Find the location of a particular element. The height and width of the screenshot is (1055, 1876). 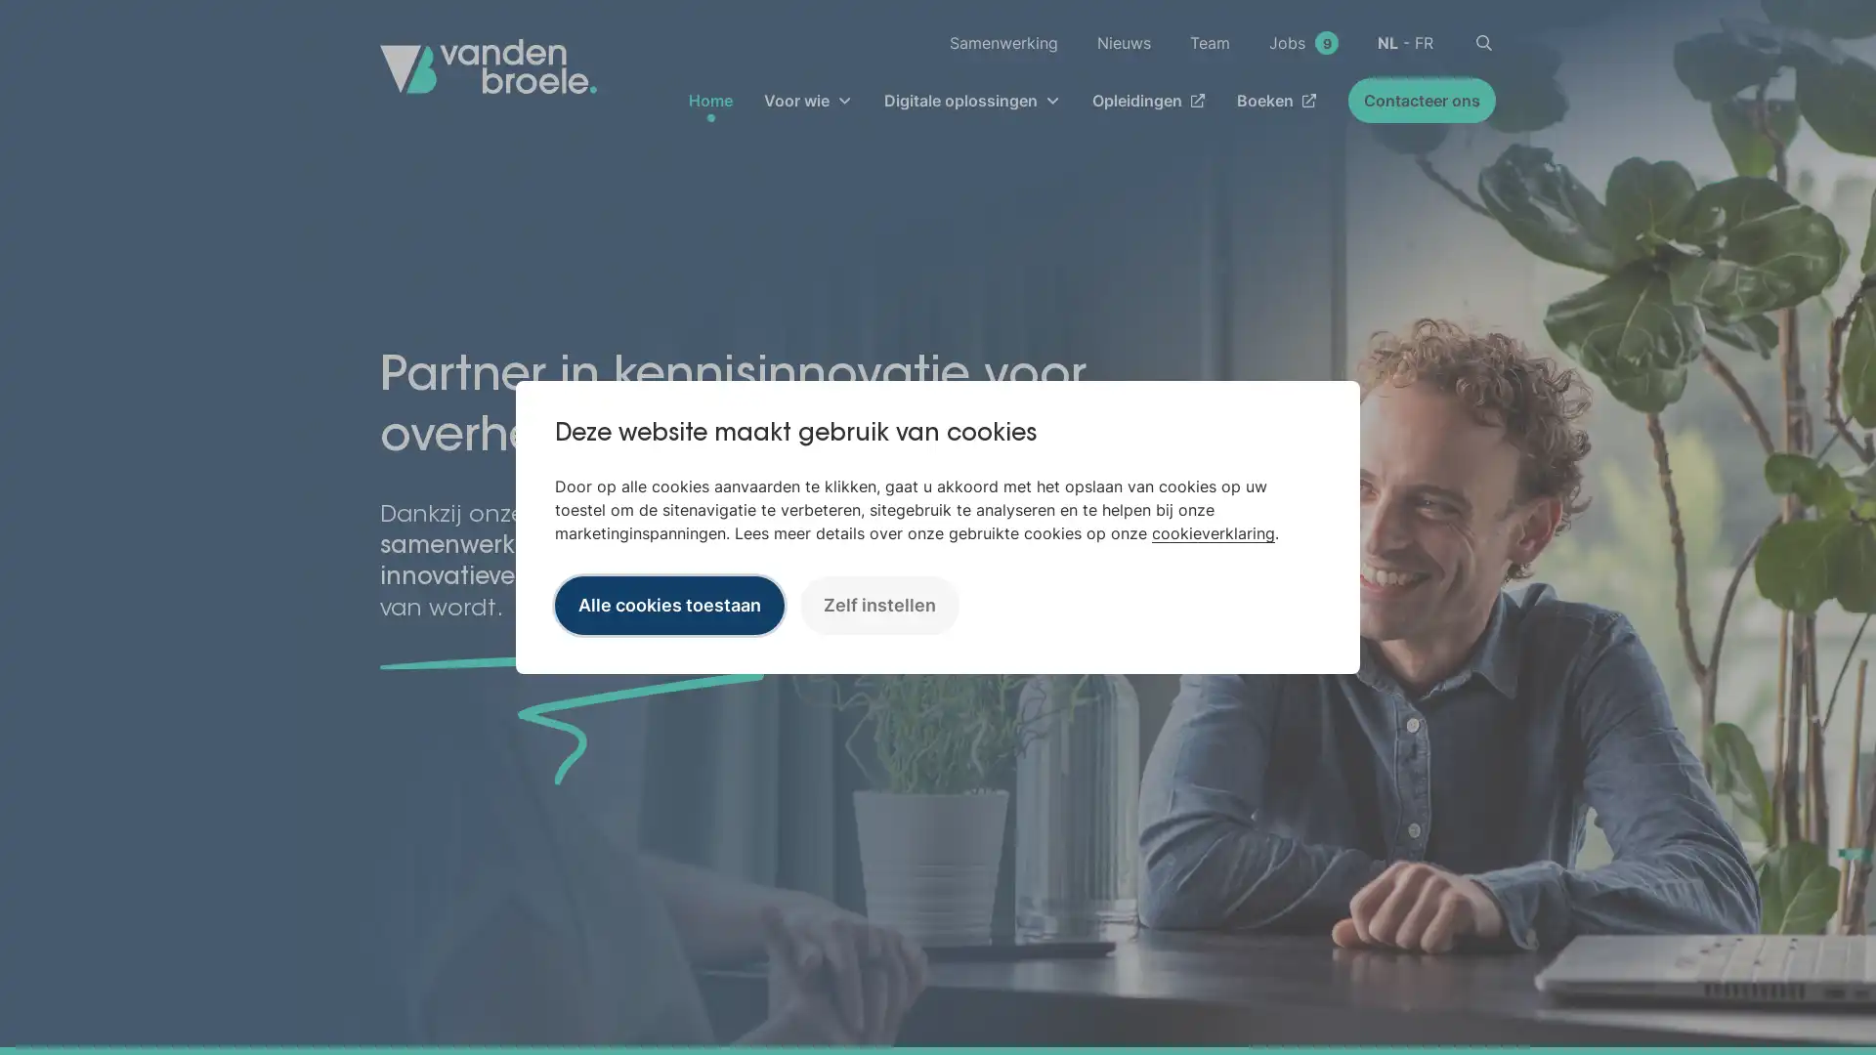

Zelf instellen is located at coordinates (878, 603).